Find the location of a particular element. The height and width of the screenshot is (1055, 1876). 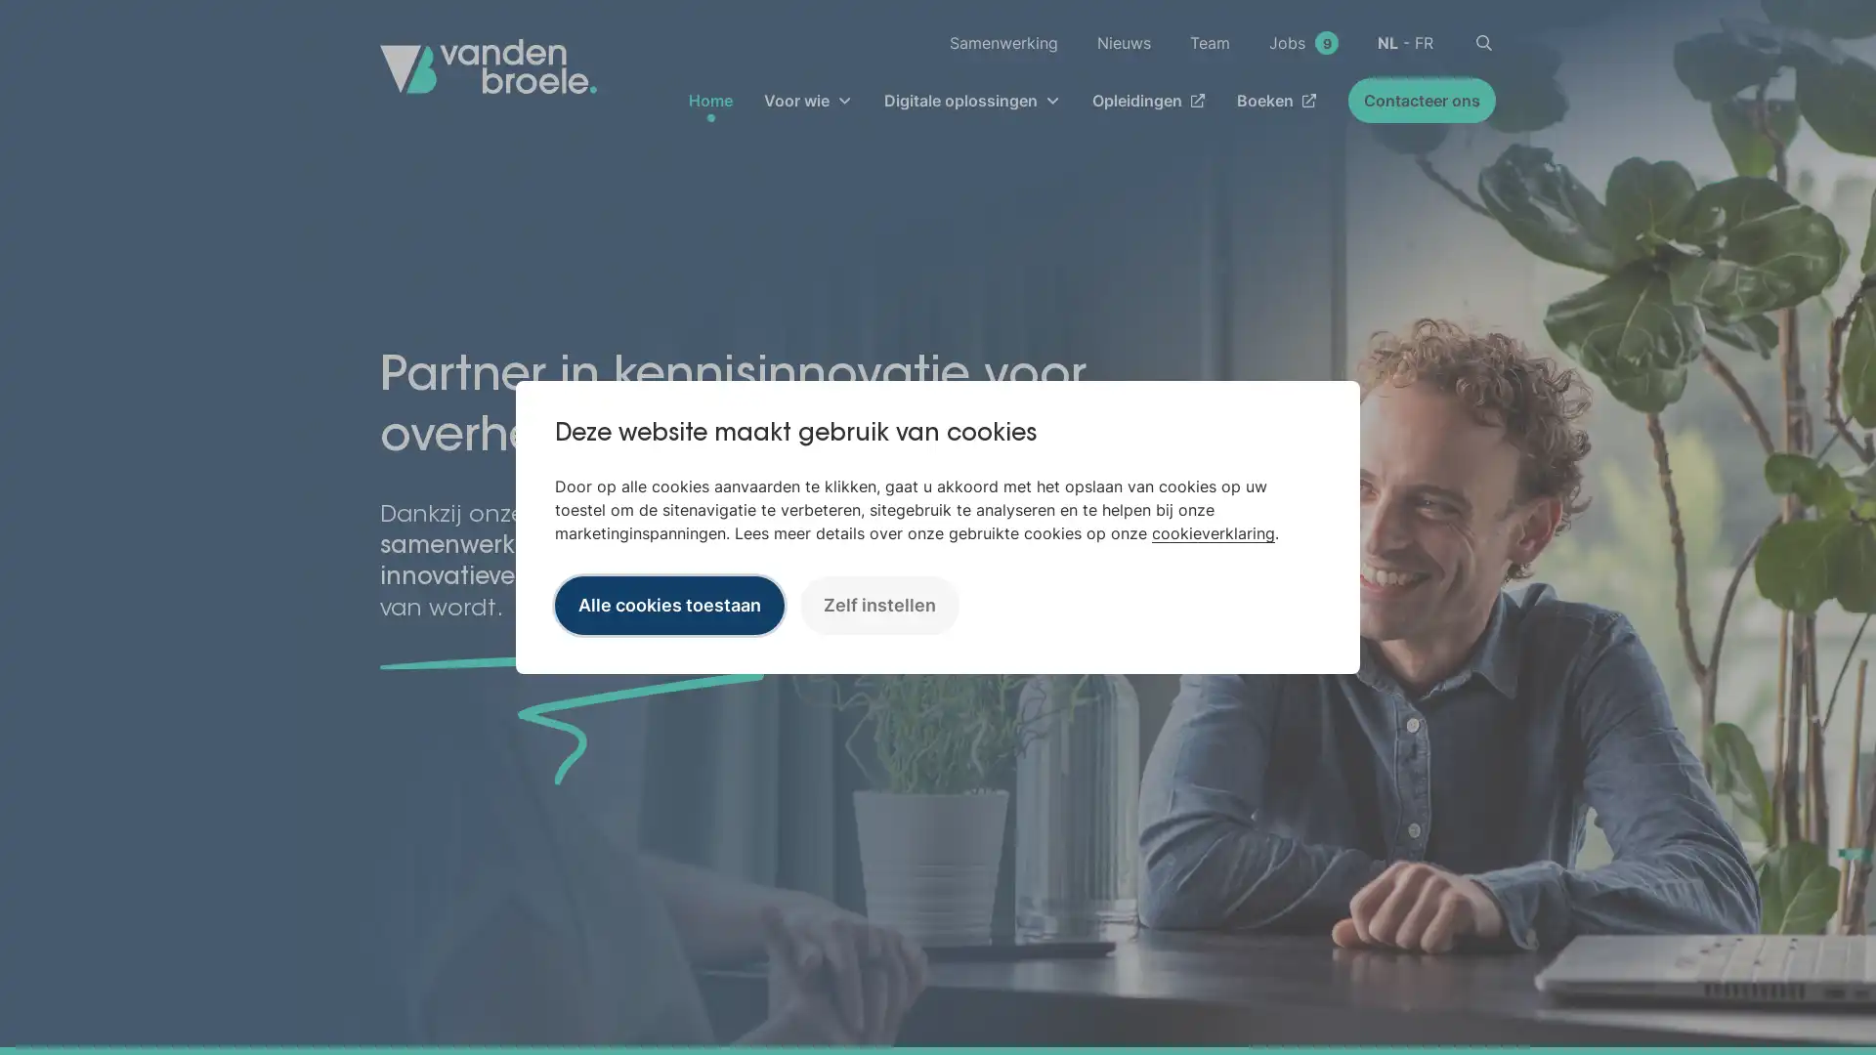

Zelf instellen is located at coordinates (878, 603).